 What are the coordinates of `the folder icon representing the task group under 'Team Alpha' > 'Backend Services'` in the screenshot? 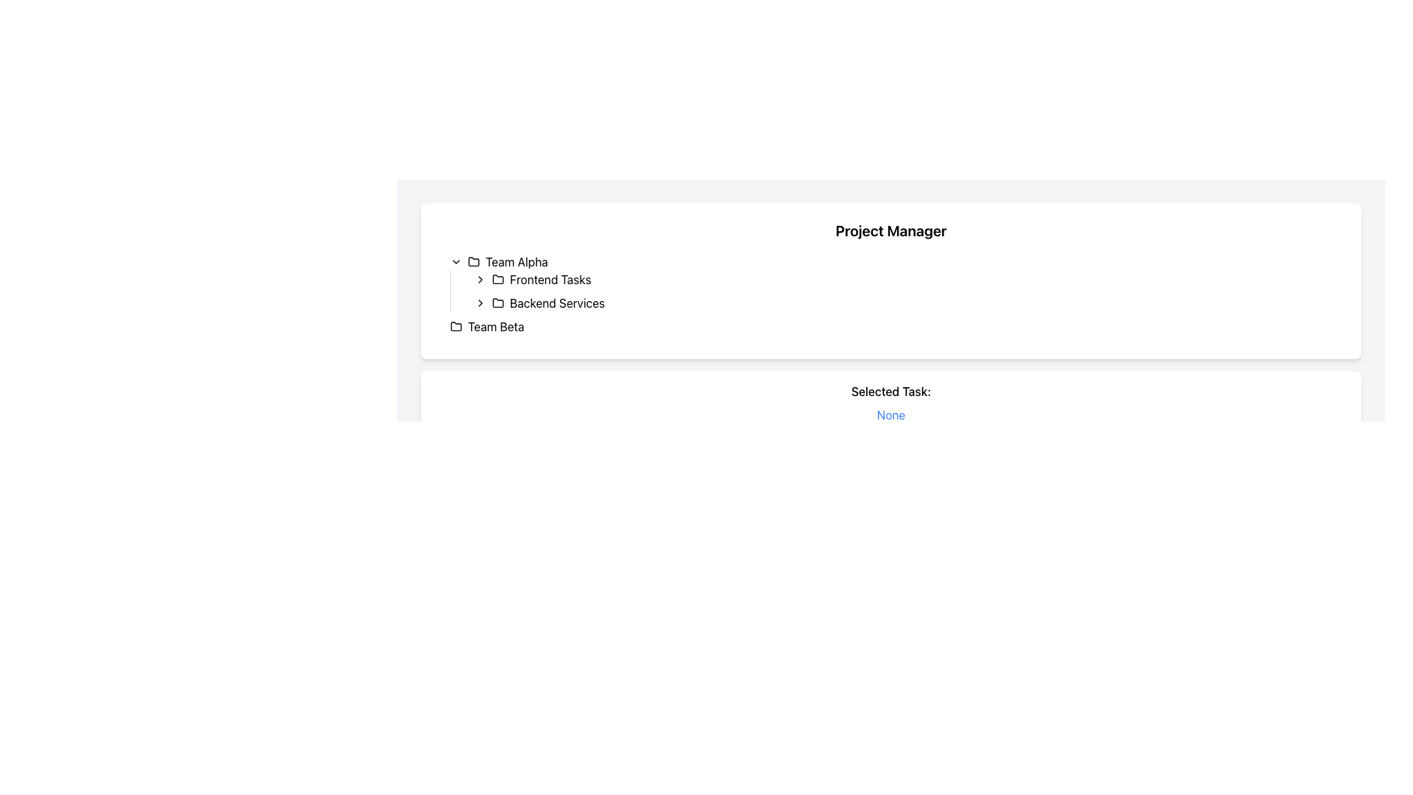 It's located at (497, 302).